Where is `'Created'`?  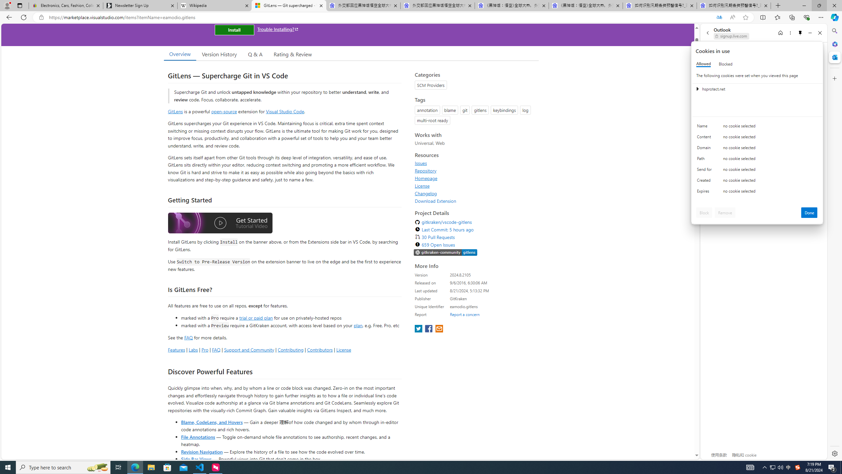
'Created' is located at coordinates (705, 181).